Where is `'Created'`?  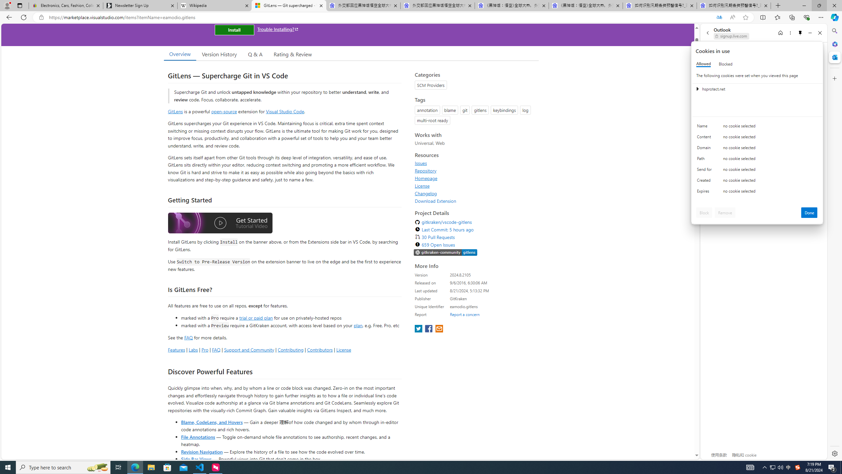
'Created' is located at coordinates (705, 181).